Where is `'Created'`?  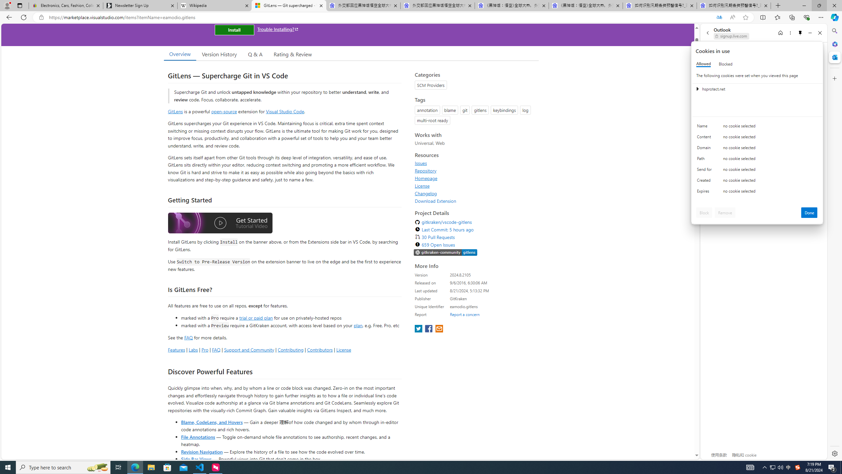
'Created' is located at coordinates (705, 181).